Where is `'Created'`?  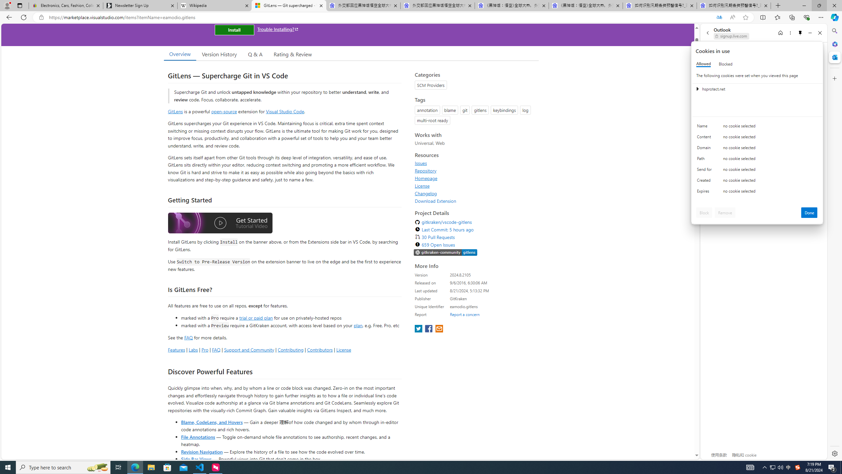
'Created' is located at coordinates (705, 181).